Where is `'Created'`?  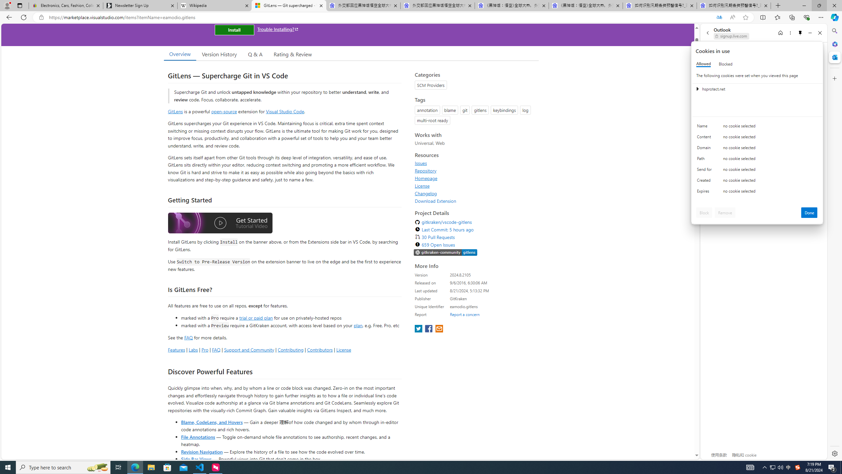
'Created' is located at coordinates (705, 181).